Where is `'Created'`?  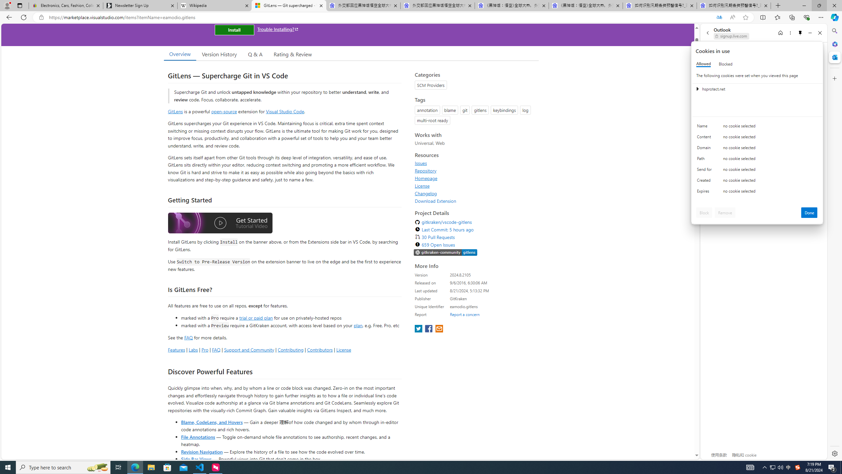
'Created' is located at coordinates (705, 181).